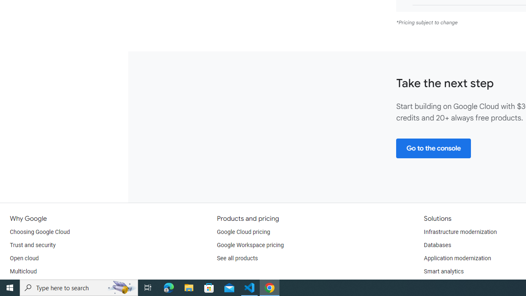 Image resolution: width=526 pixels, height=296 pixels. I want to click on 'Infrastructure modernization', so click(460, 232).